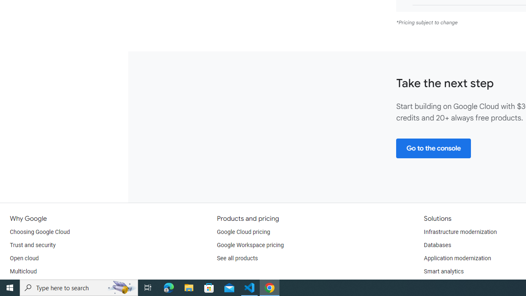 Image resolution: width=526 pixels, height=296 pixels. I want to click on 'Infrastructure modernization', so click(460, 232).